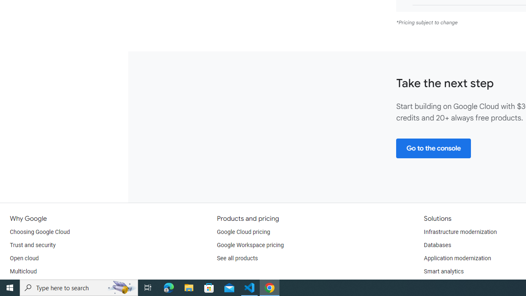 Image resolution: width=526 pixels, height=296 pixels. I want to click on 'Infrastructure modernization', so click(460, 232).